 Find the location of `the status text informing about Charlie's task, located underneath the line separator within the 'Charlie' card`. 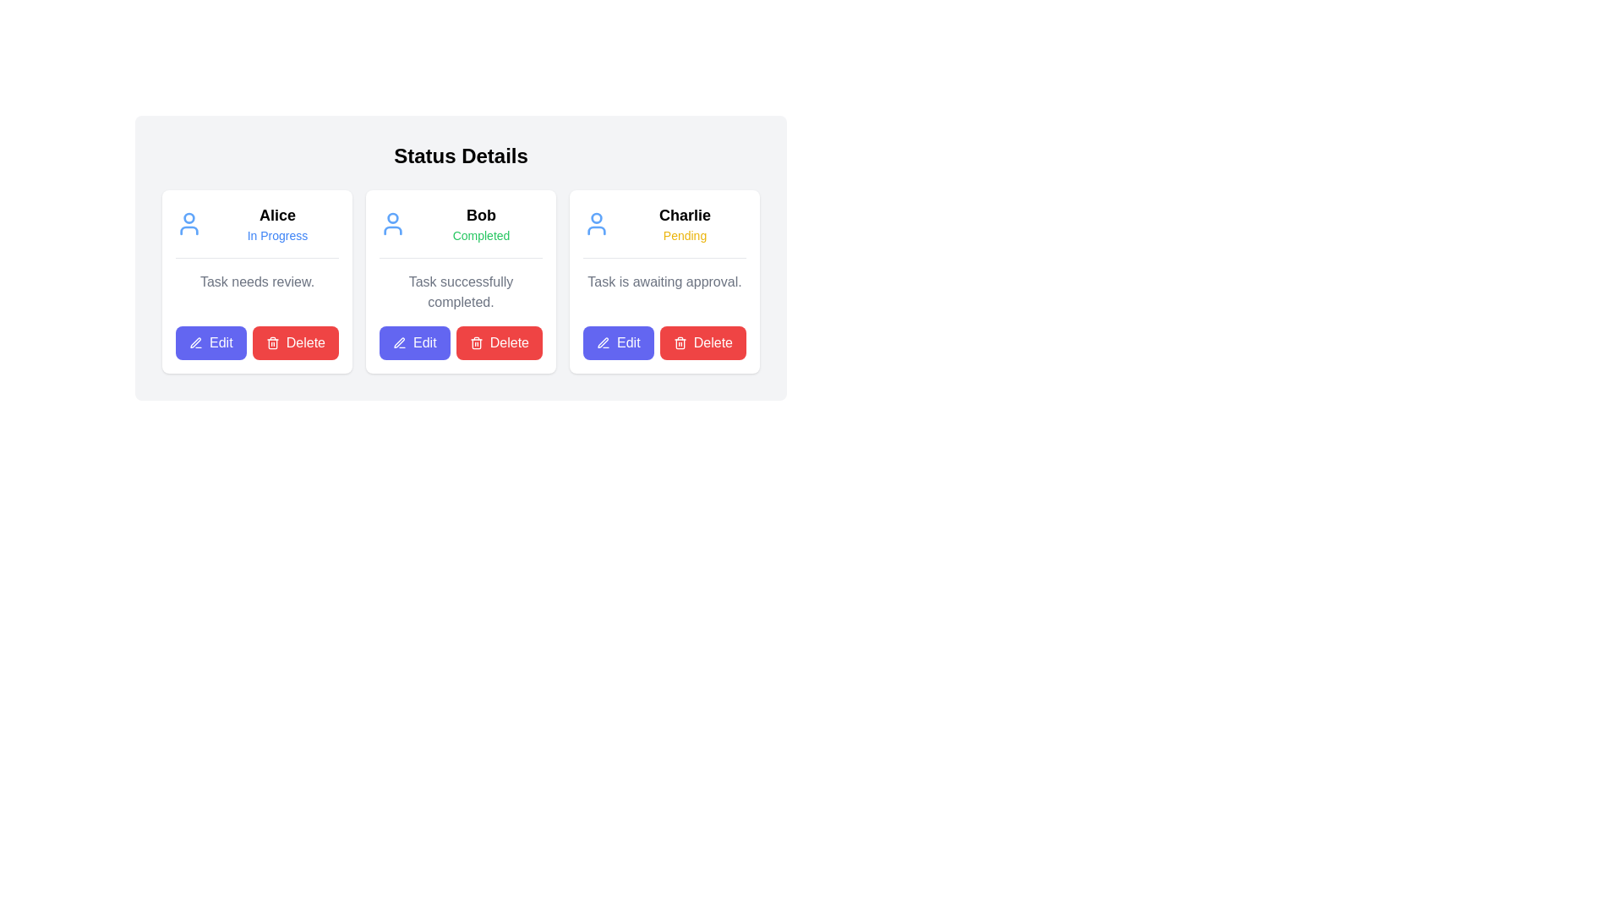

the status text informing about Charlie's task, located underneath the line separator within the 'Charlie' card is located at coordinates (664, 292).